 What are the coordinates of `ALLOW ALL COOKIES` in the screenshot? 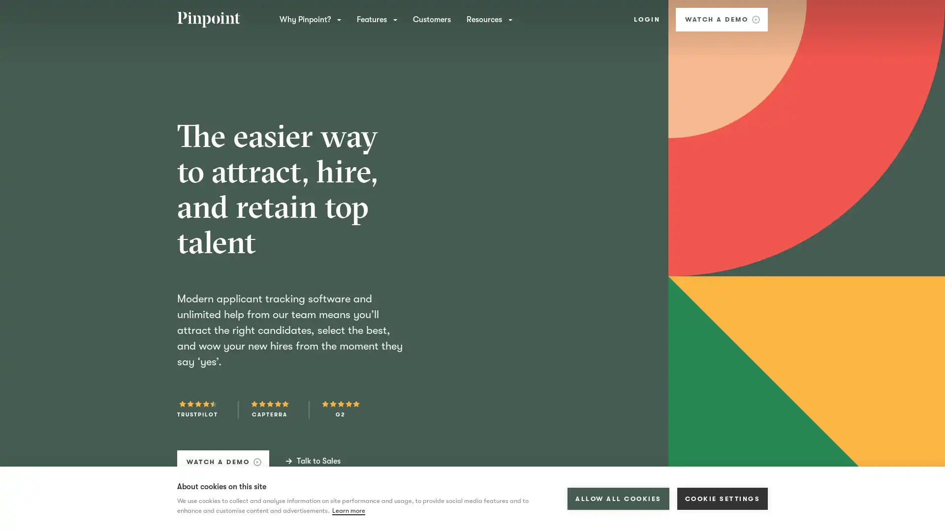 It's located at (618, 499).